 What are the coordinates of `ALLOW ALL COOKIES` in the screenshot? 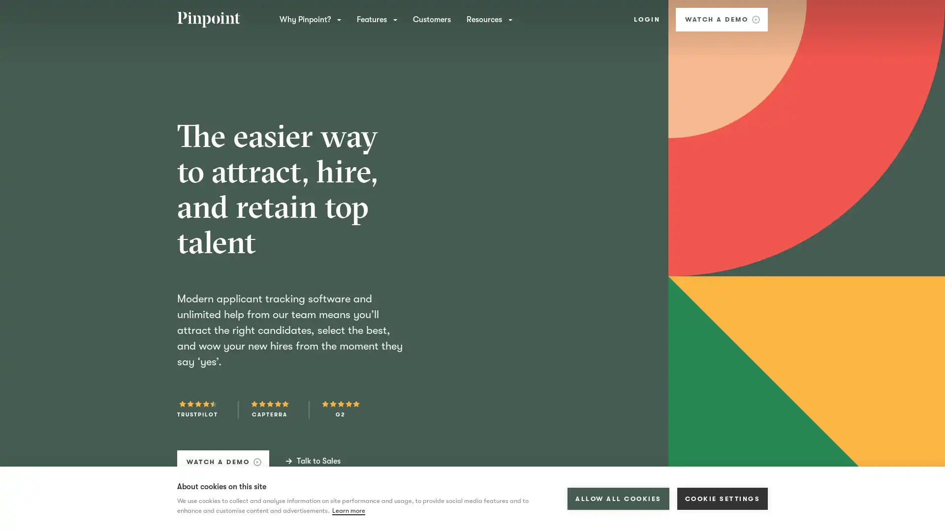 It's located at (618, 499).